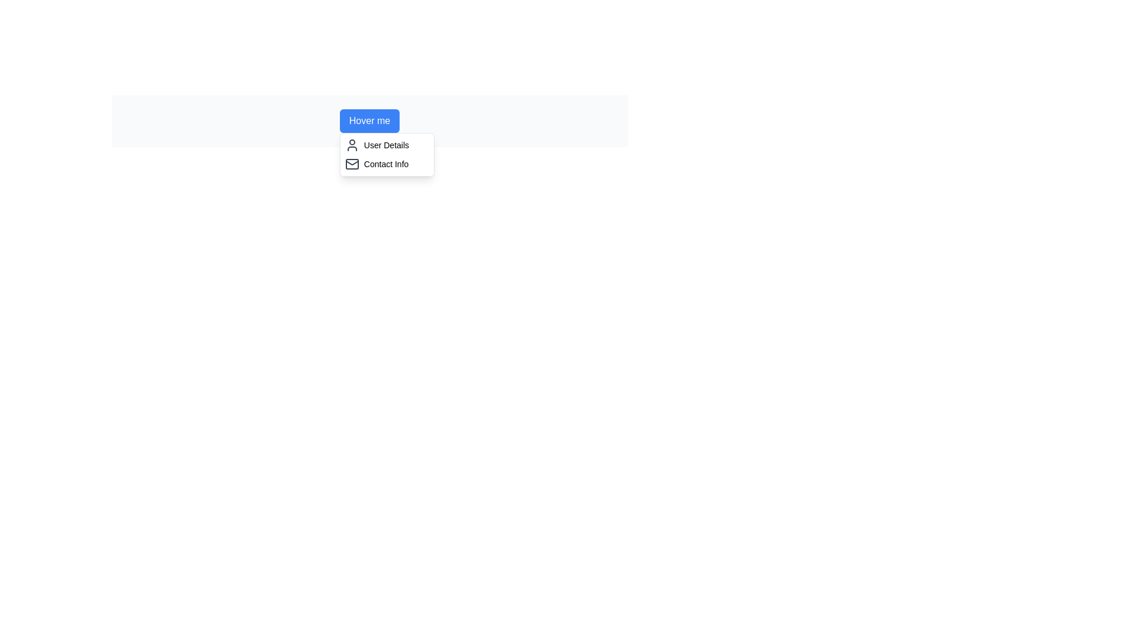 The image size is (1135, 638). Describe the element at coordinates (386, 164) in the screenshot. I see `the second text label in the dropdown-like menu` at that location.